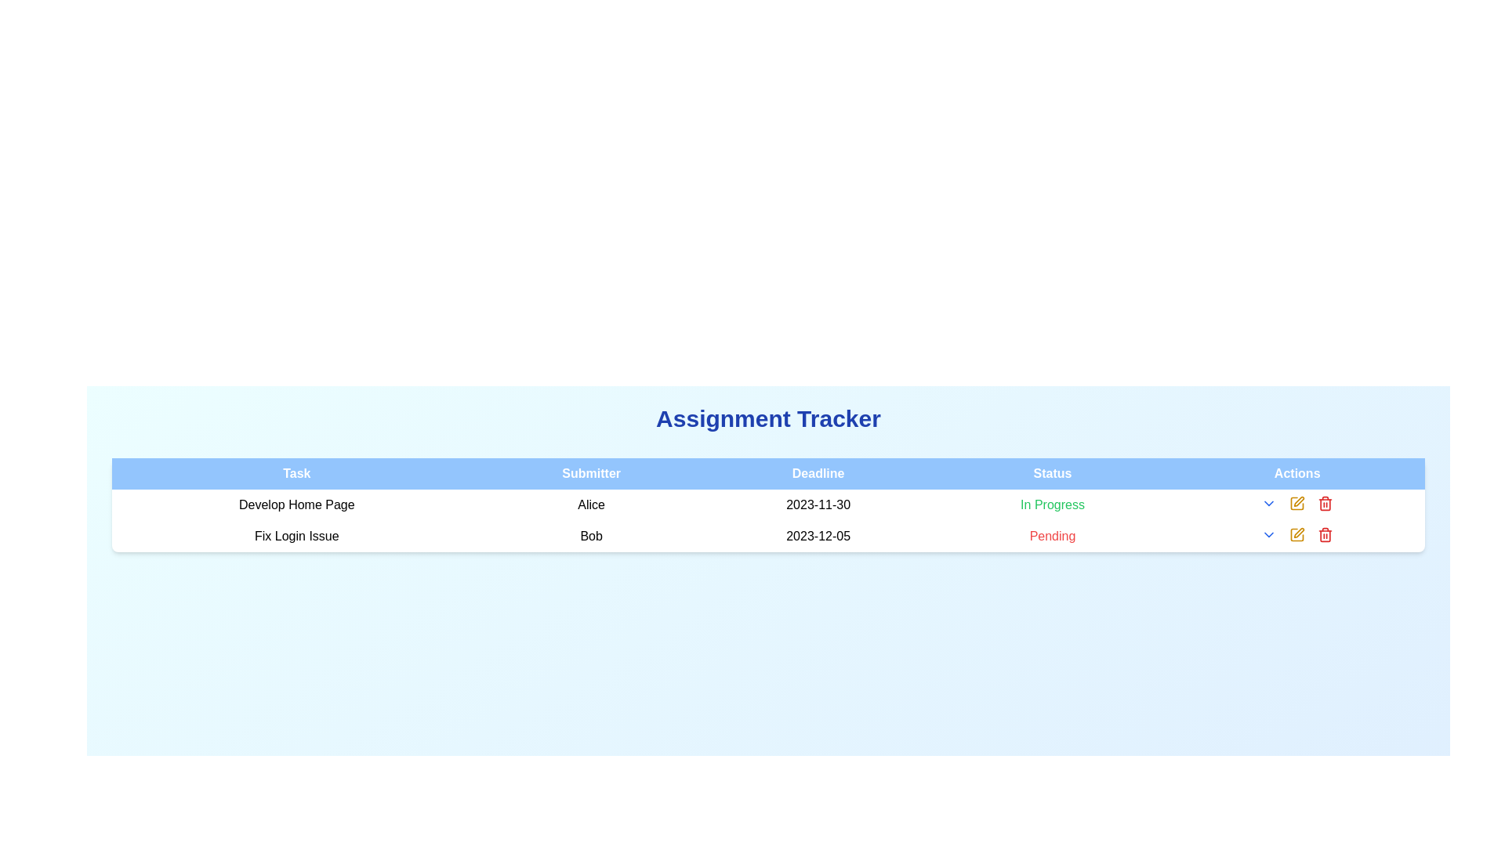 This screenshot has width=1505, height=846. What do you see at coordinates (1325, 504) in the screenshot?
I see `the delete action button located` at bounding box center [1325, 504].